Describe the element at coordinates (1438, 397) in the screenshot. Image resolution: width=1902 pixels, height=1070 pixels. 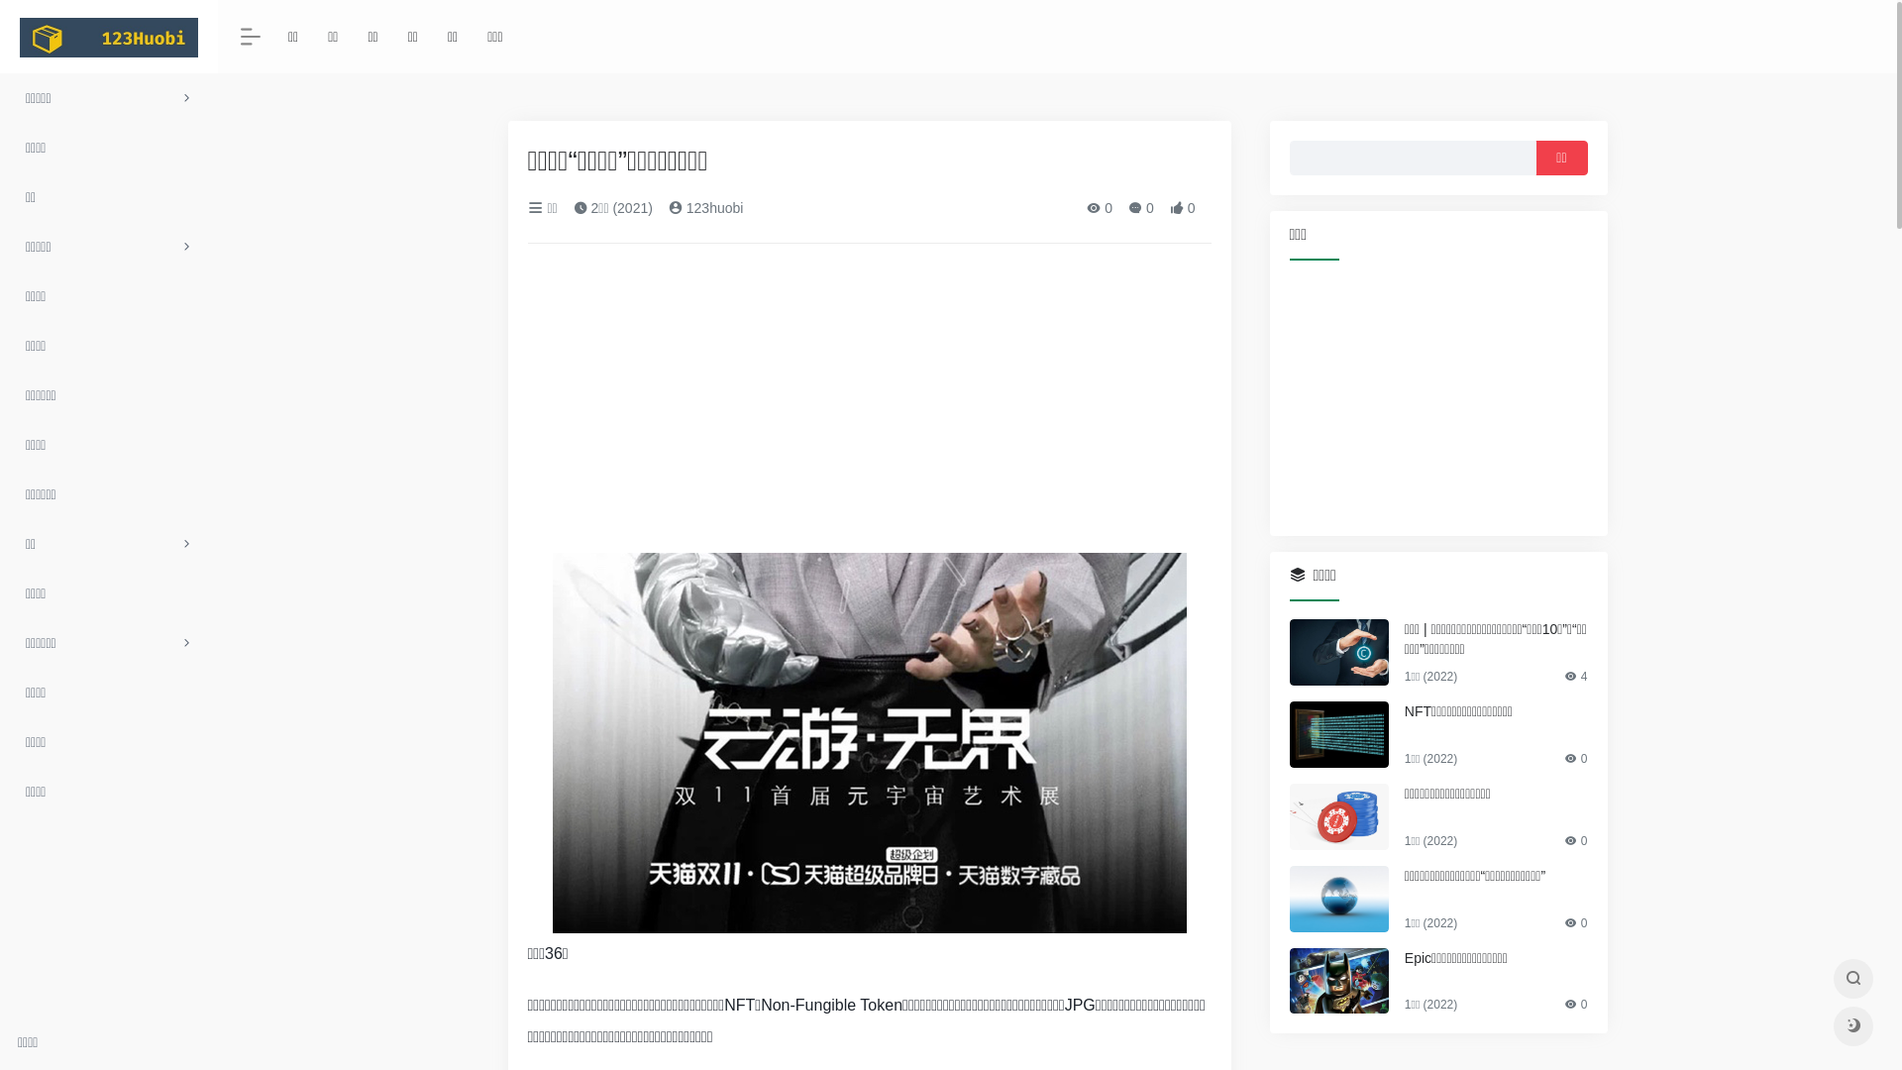
I see `'Advertisement'` at that location.